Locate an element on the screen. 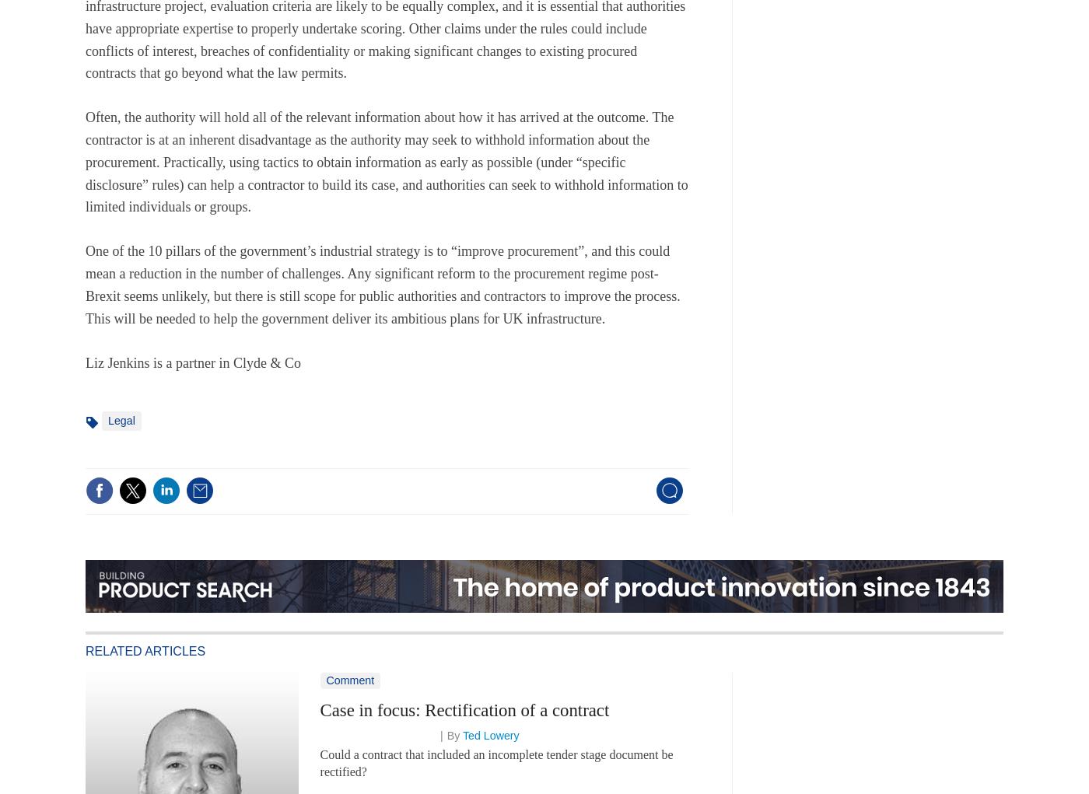 This screenshot has height=794, width=1089. 'Case in focus: Rectification of a contract' is located at coordinates (464, 709).